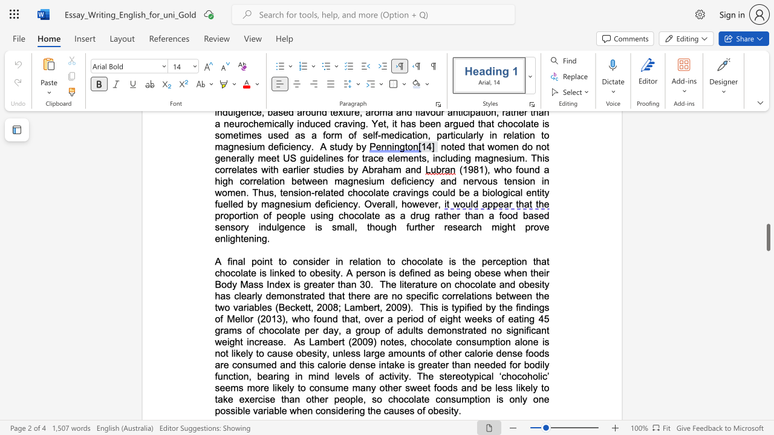  What do you see at coordinates (767, 169) in the screenshot?
I see `the scrollbar on the right to move the page upward` at bounding box center [767, 169].